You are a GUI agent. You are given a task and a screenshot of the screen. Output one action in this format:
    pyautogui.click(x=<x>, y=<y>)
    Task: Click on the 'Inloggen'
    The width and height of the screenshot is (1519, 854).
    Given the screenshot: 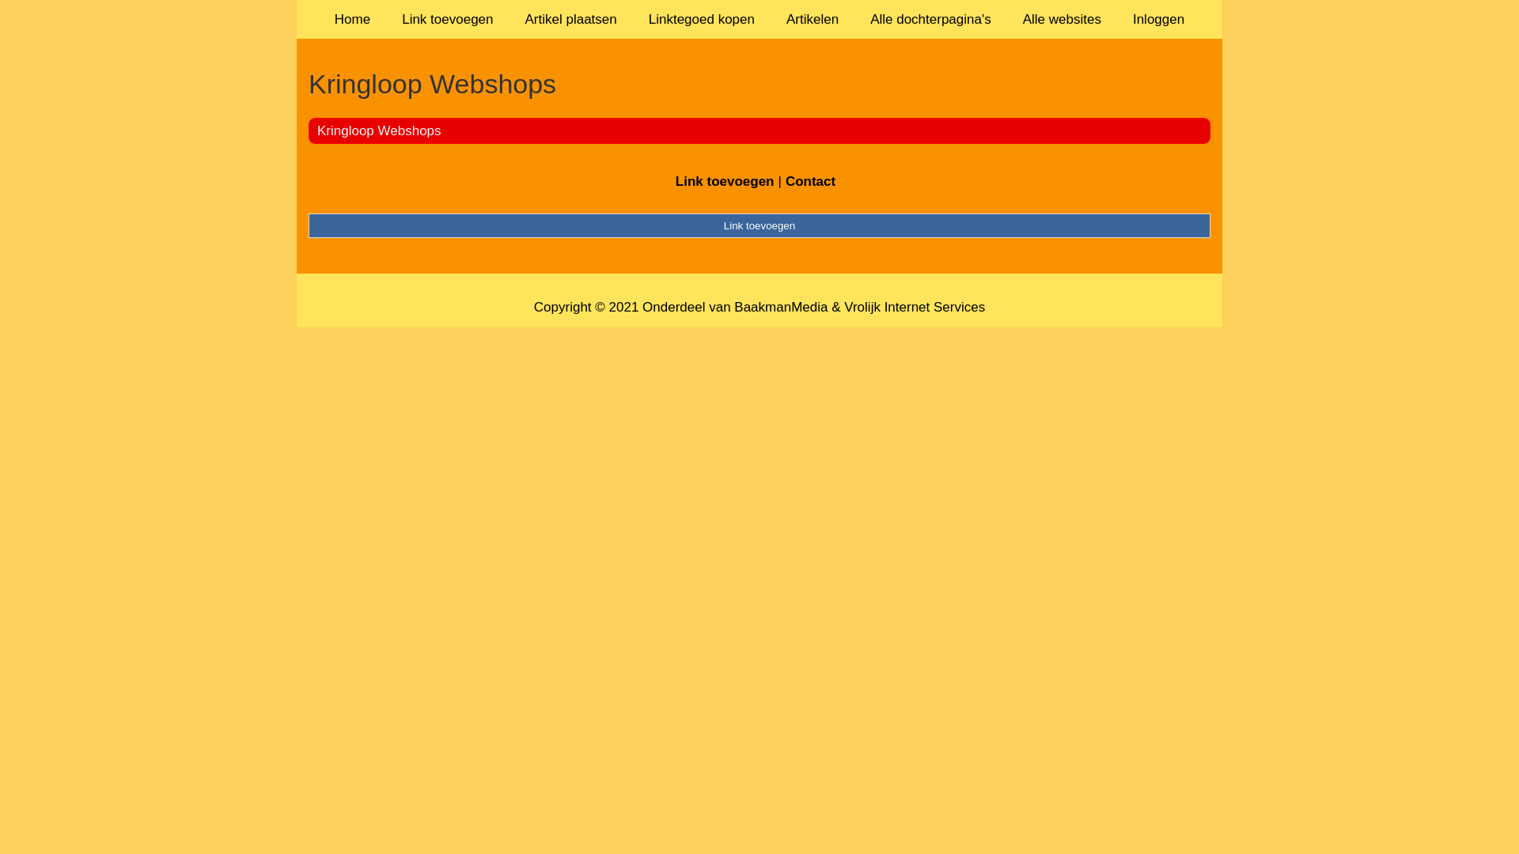 What is the action you would take?
    pyautogui.click(x=1158, y=19)
    